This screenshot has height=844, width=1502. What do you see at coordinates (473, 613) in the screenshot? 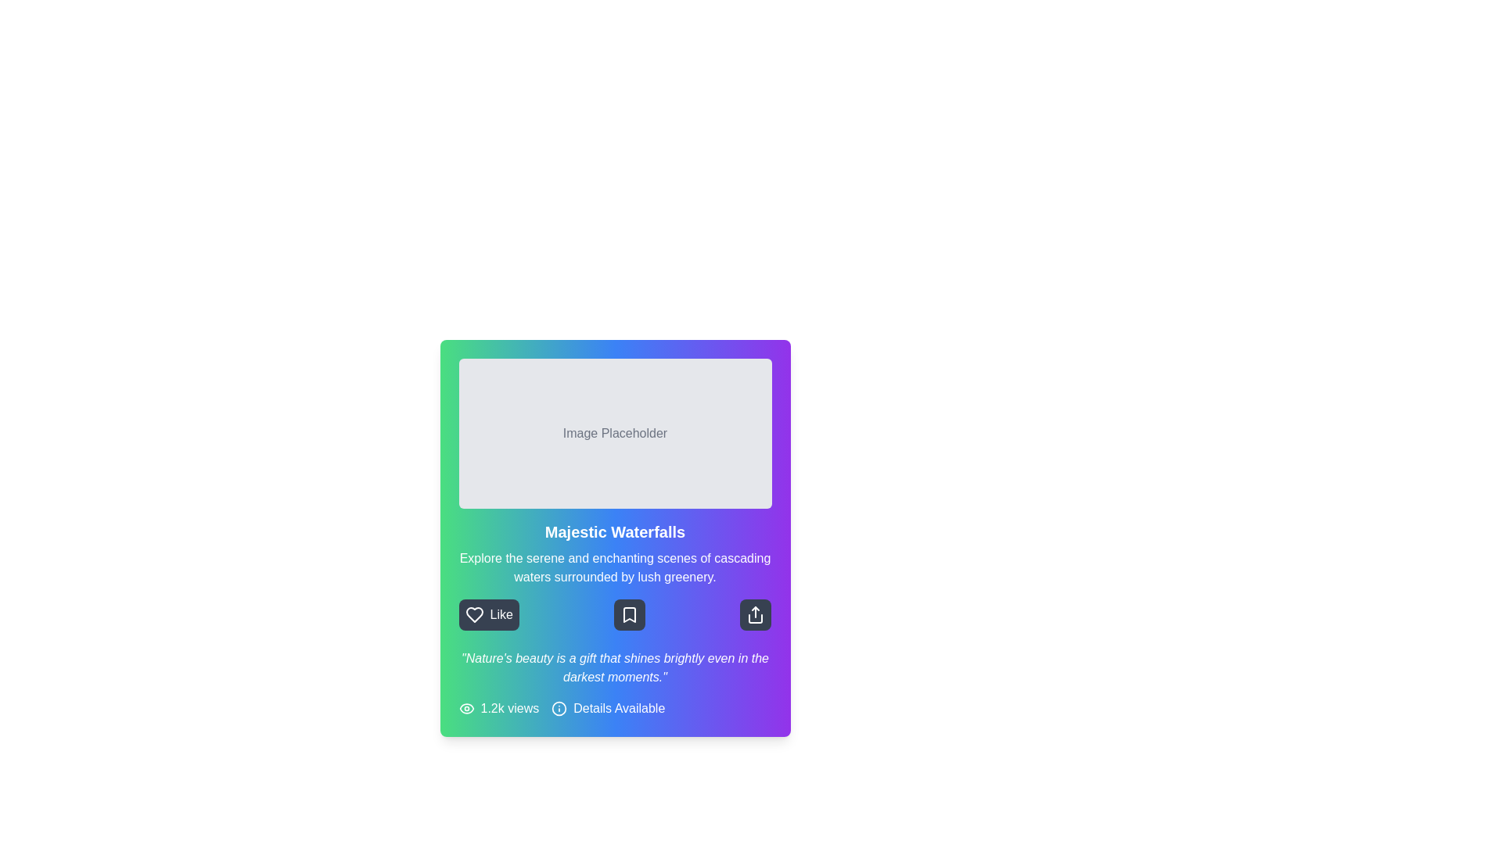
I see `the heart icon located inside the 'Like' button` at bounding box center [473, 613].